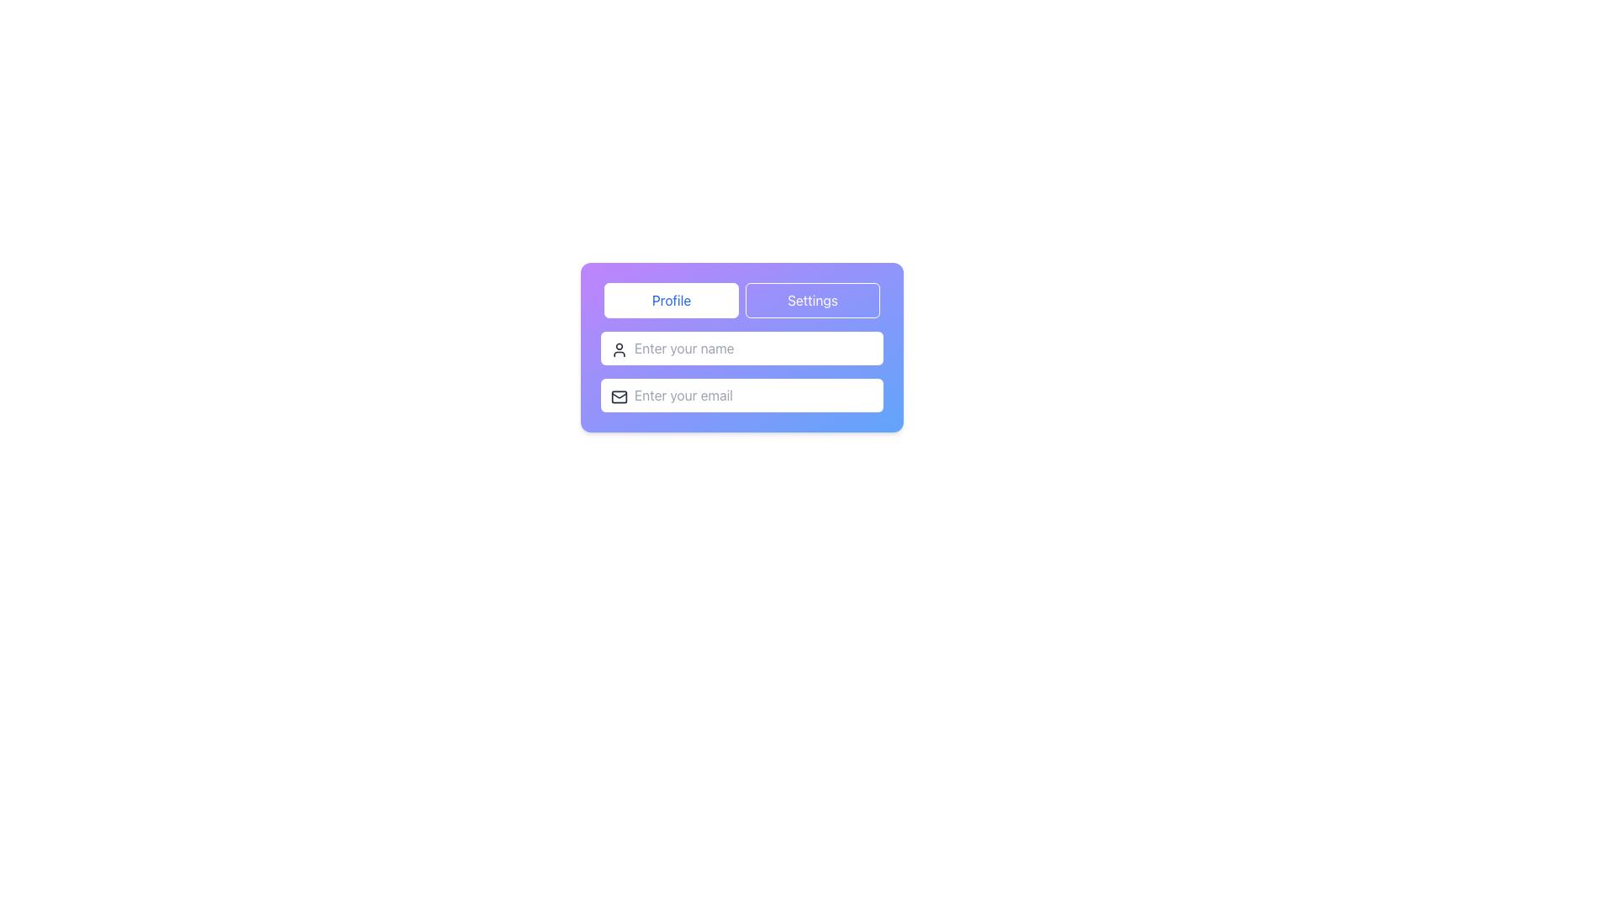  I want to click on the email input field, which is the second input field below the 'Enter your name' field, so click(741, 371).